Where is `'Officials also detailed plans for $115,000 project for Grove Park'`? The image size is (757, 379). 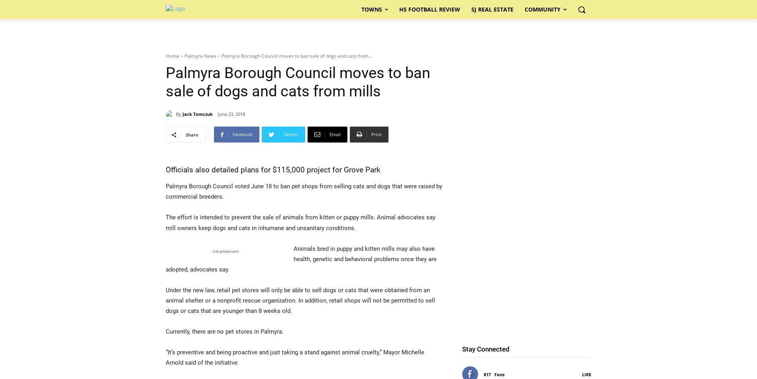 'Officials also detailed plans for $115,000 project for Grove Park' is located at coordinates (165, 170).